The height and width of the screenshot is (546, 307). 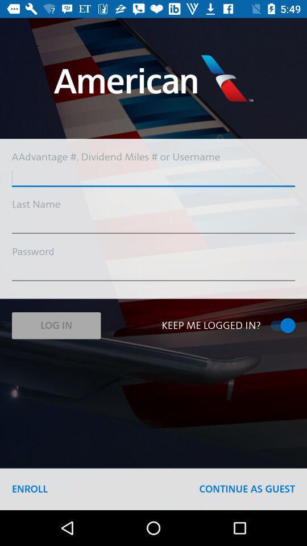 What do you see at coordinates (56, 325) in the screenshot?
I see `the icon next to keep me logged icon` at bounding box center [56, 325].